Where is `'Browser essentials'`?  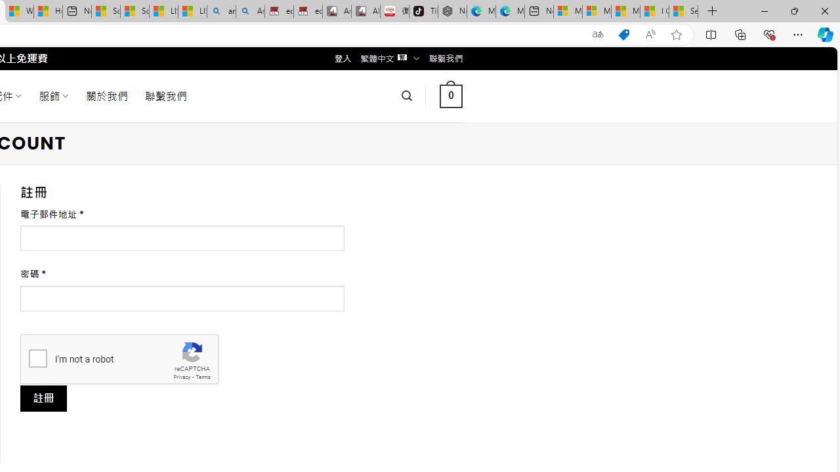
'Browser essentials' is located at coordinates (768, 33).